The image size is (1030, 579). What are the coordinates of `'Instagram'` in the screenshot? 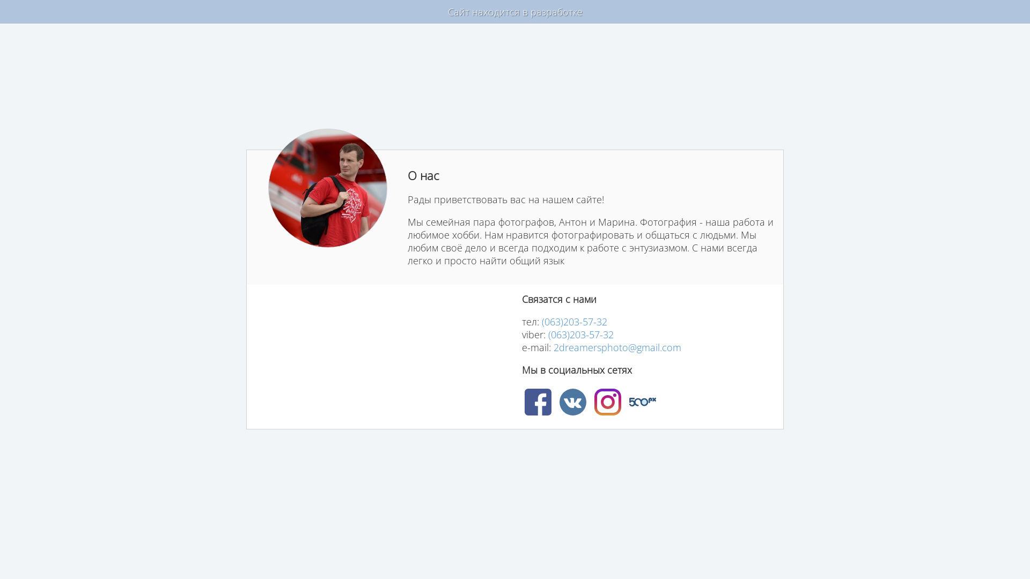 It's located at (594, 402).